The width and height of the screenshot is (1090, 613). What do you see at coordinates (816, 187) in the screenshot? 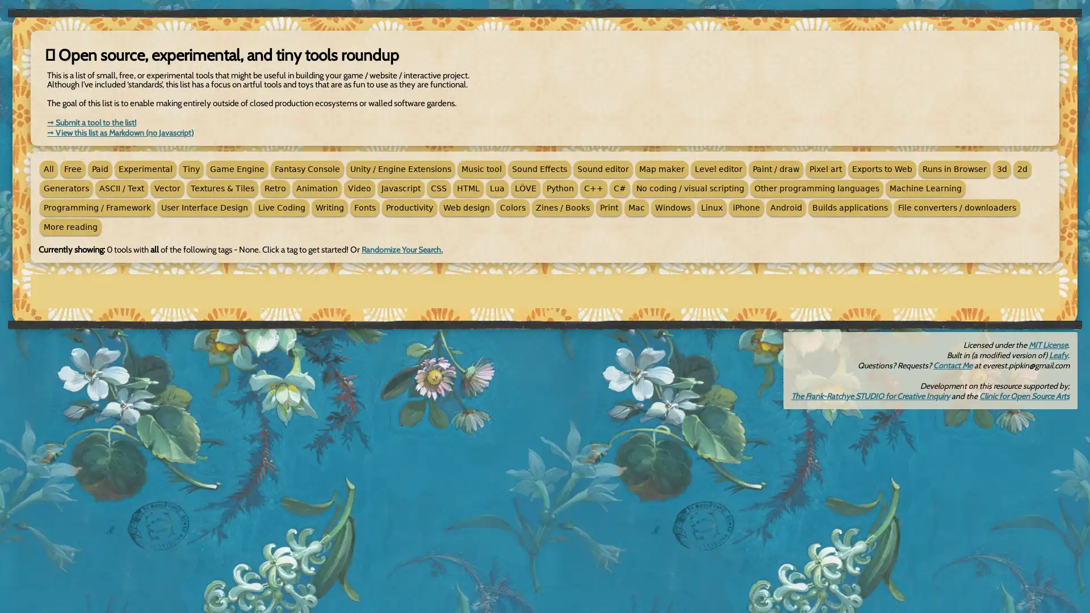
I see `Other programming languages` at bounding box center [816, 187].